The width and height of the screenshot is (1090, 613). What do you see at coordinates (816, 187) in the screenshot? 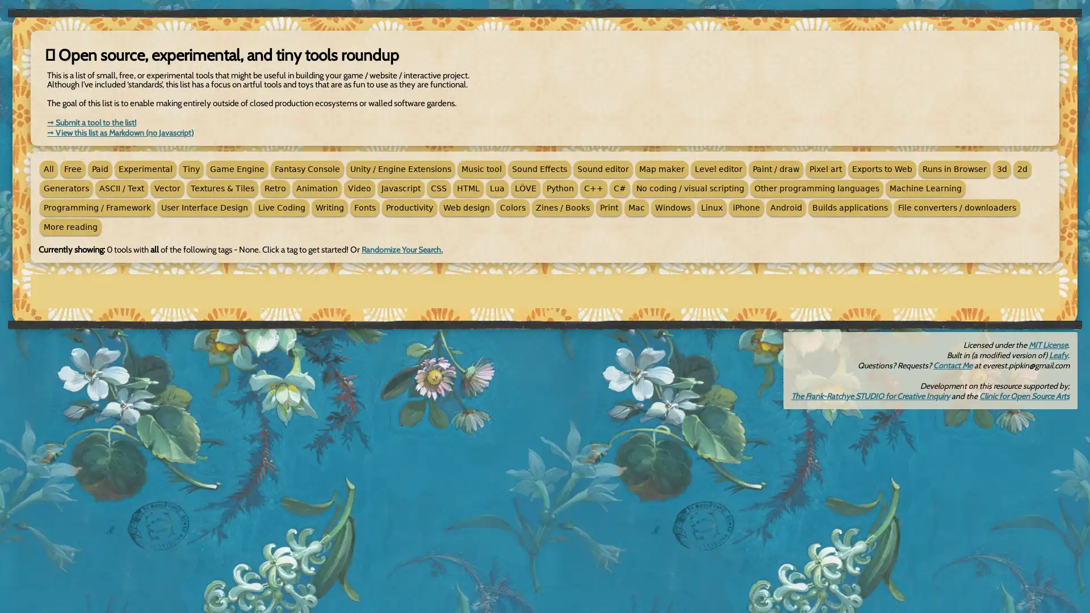
I see `Other programming languages` at bounding box center [816, 187].